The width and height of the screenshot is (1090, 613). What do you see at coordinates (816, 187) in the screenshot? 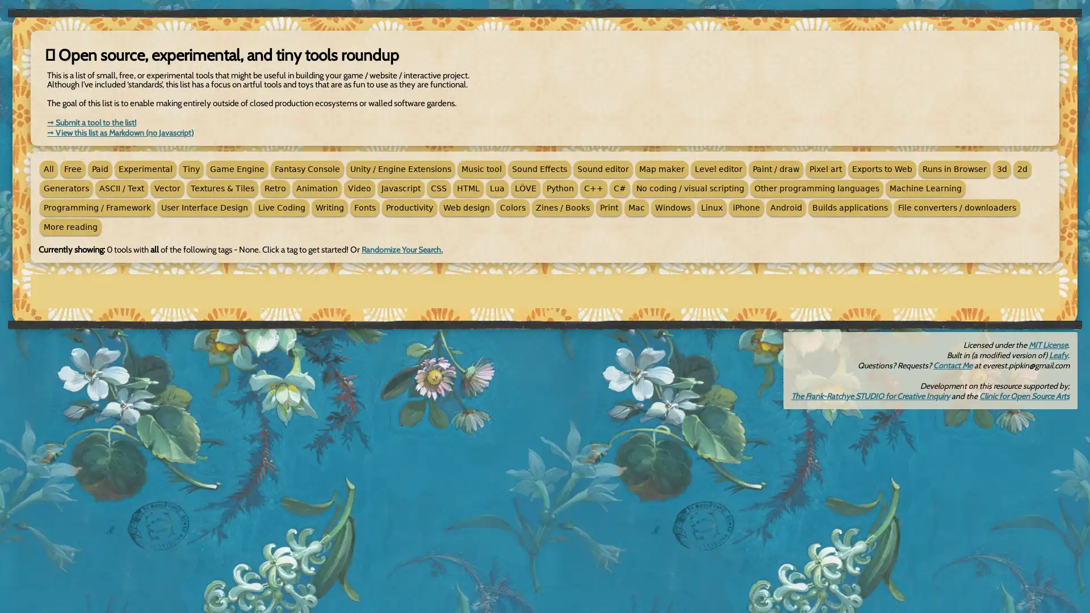
I see `Other programming languages` at bounding box center [816, 187].